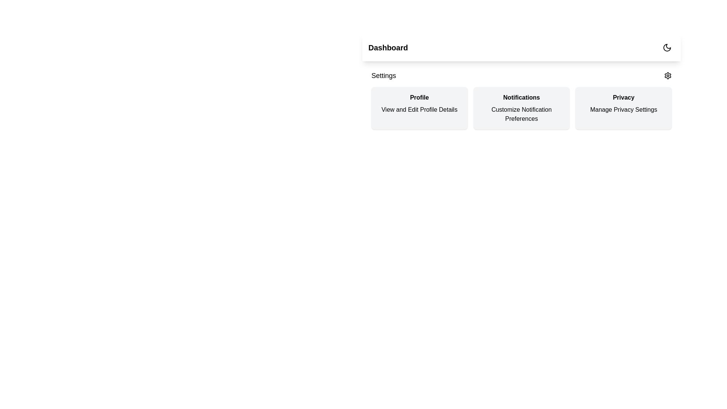  Describe the element at coordinates (521, 76) in the screenshot. I see `'Settings' title bar section header, which features bold text on the left and a gear icon on the right, located beneath the 'Dashboard' header` at that location.